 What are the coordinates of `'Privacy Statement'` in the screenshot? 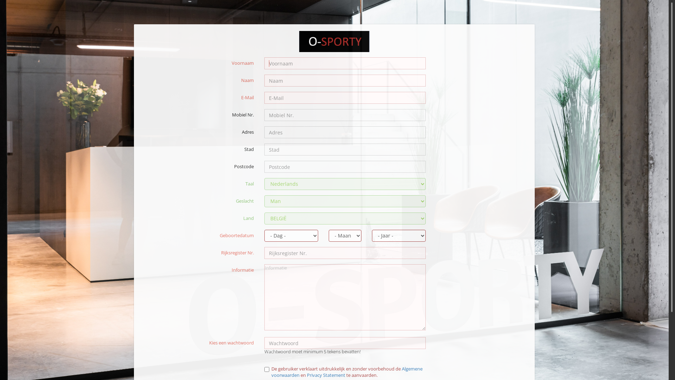 It's located at (326, 374).